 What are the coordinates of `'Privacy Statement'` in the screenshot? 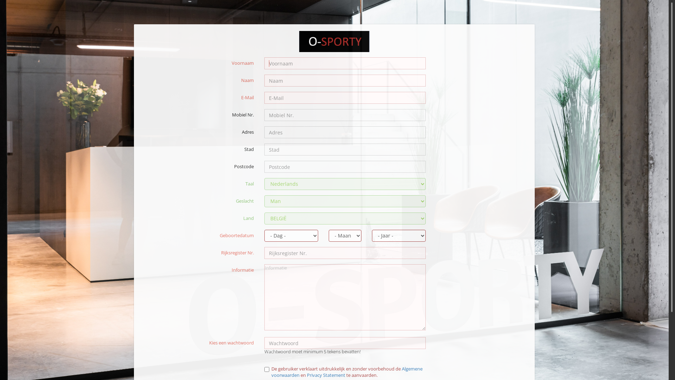 It's located at (326, 374).